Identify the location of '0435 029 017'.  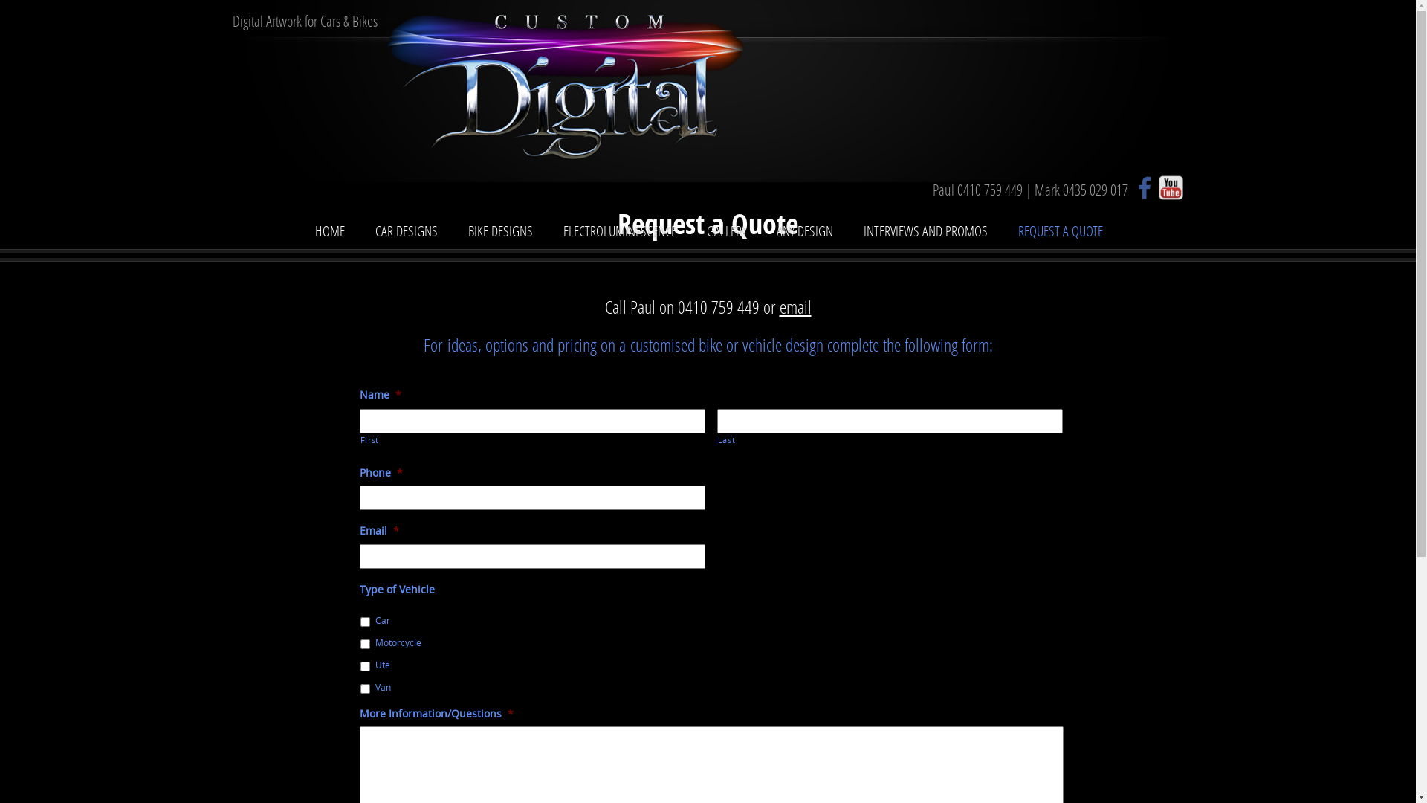
(1095, 188).